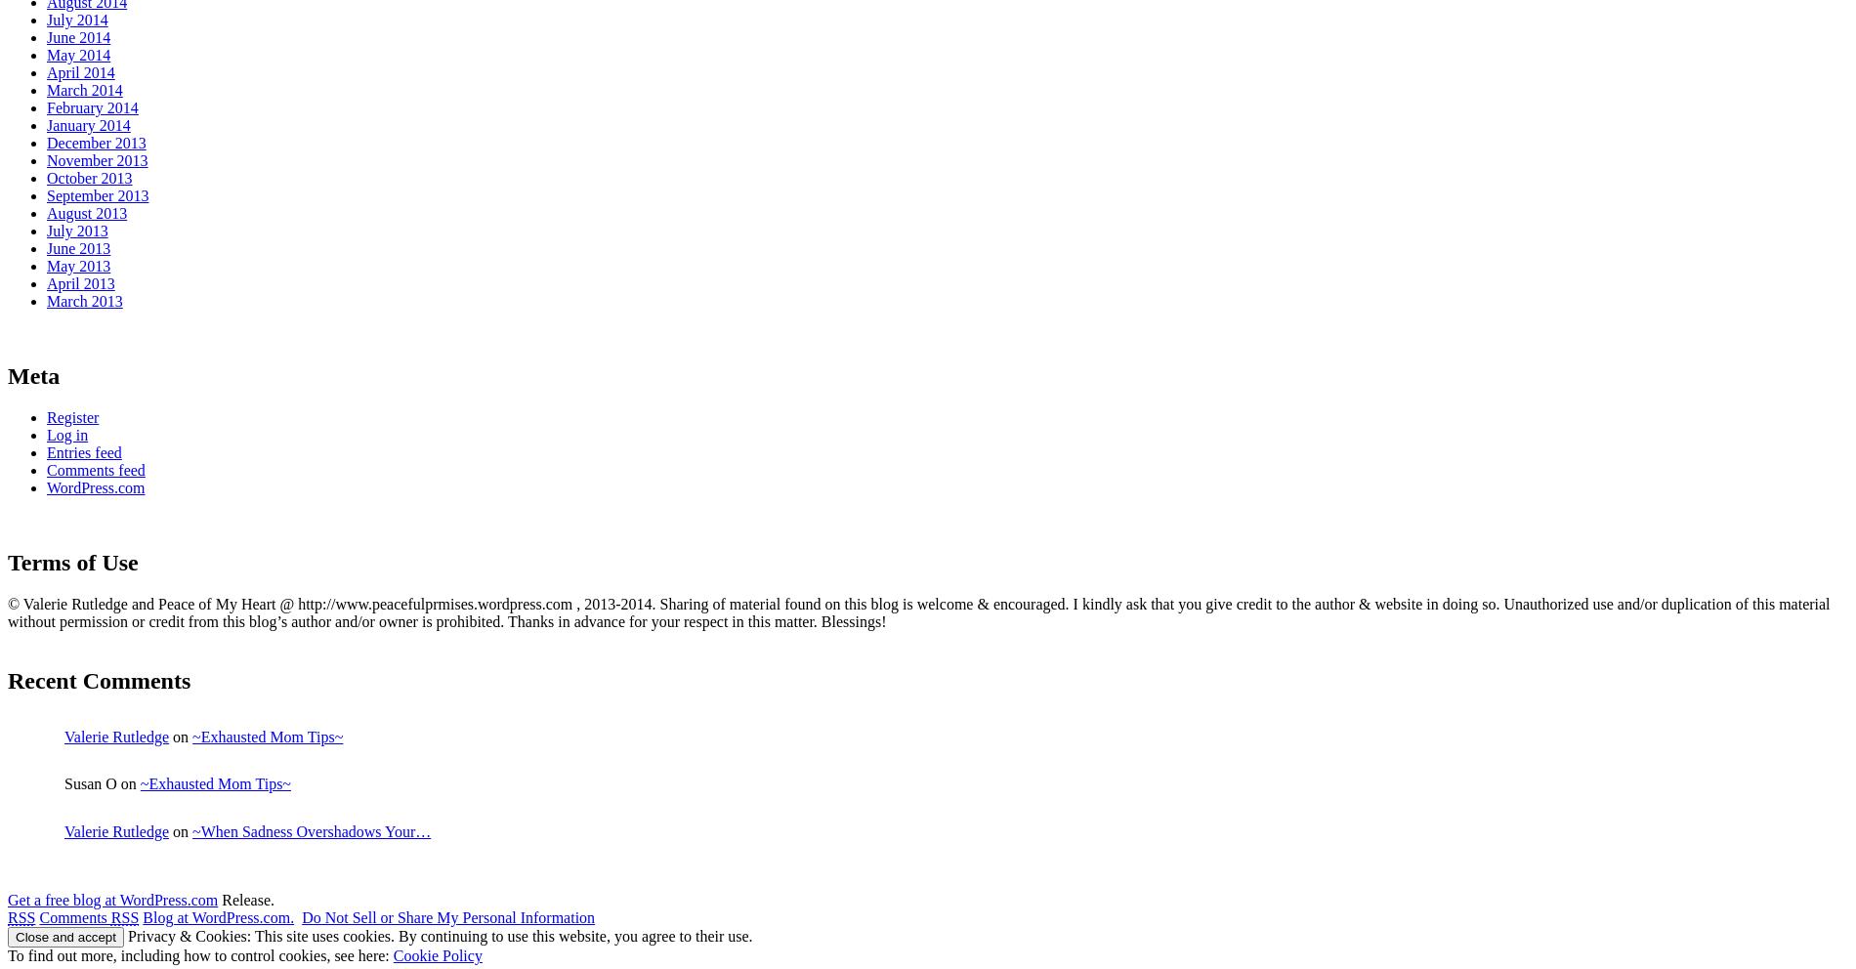 The image size is (1856, 969). What do you see at coordinates (80, 281) in the screenshot?
I see `'April 2013'` at bounding box center [80, 281].